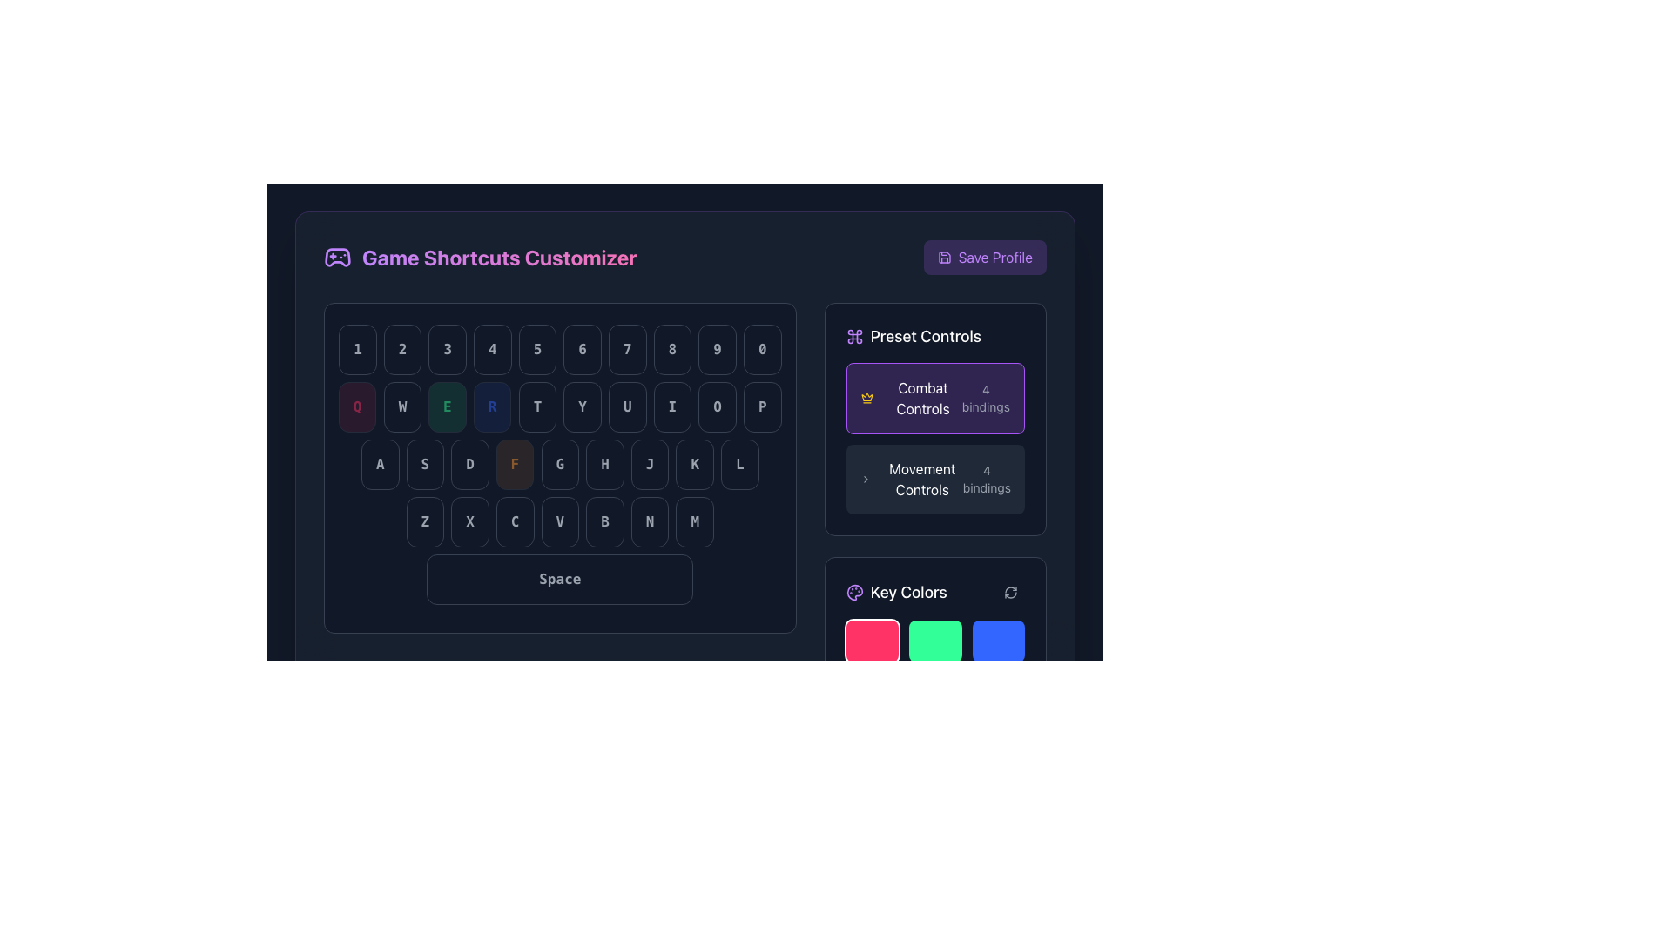  What do you see at coordinates (448, 406) in the screenshot?
I see `the button displaying 'E' in bold green text with a light green background` at bounding box center [448, 406].